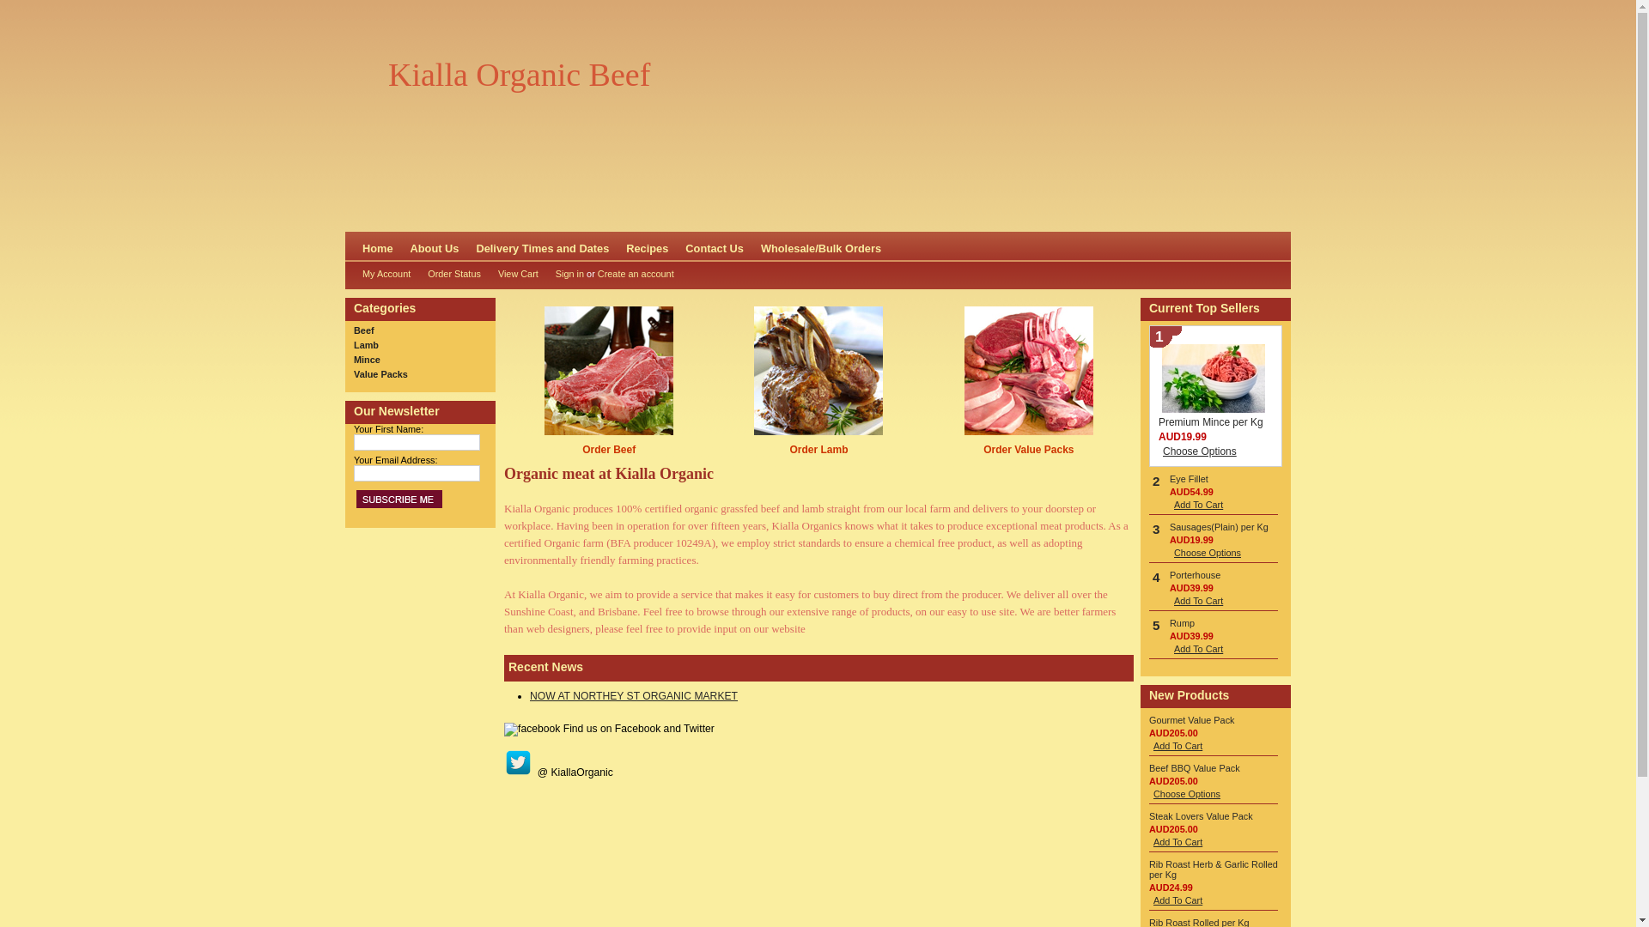 The height and width of the screenshot is (927, 1649). I want to click on 'Mince', so click(353, 359).